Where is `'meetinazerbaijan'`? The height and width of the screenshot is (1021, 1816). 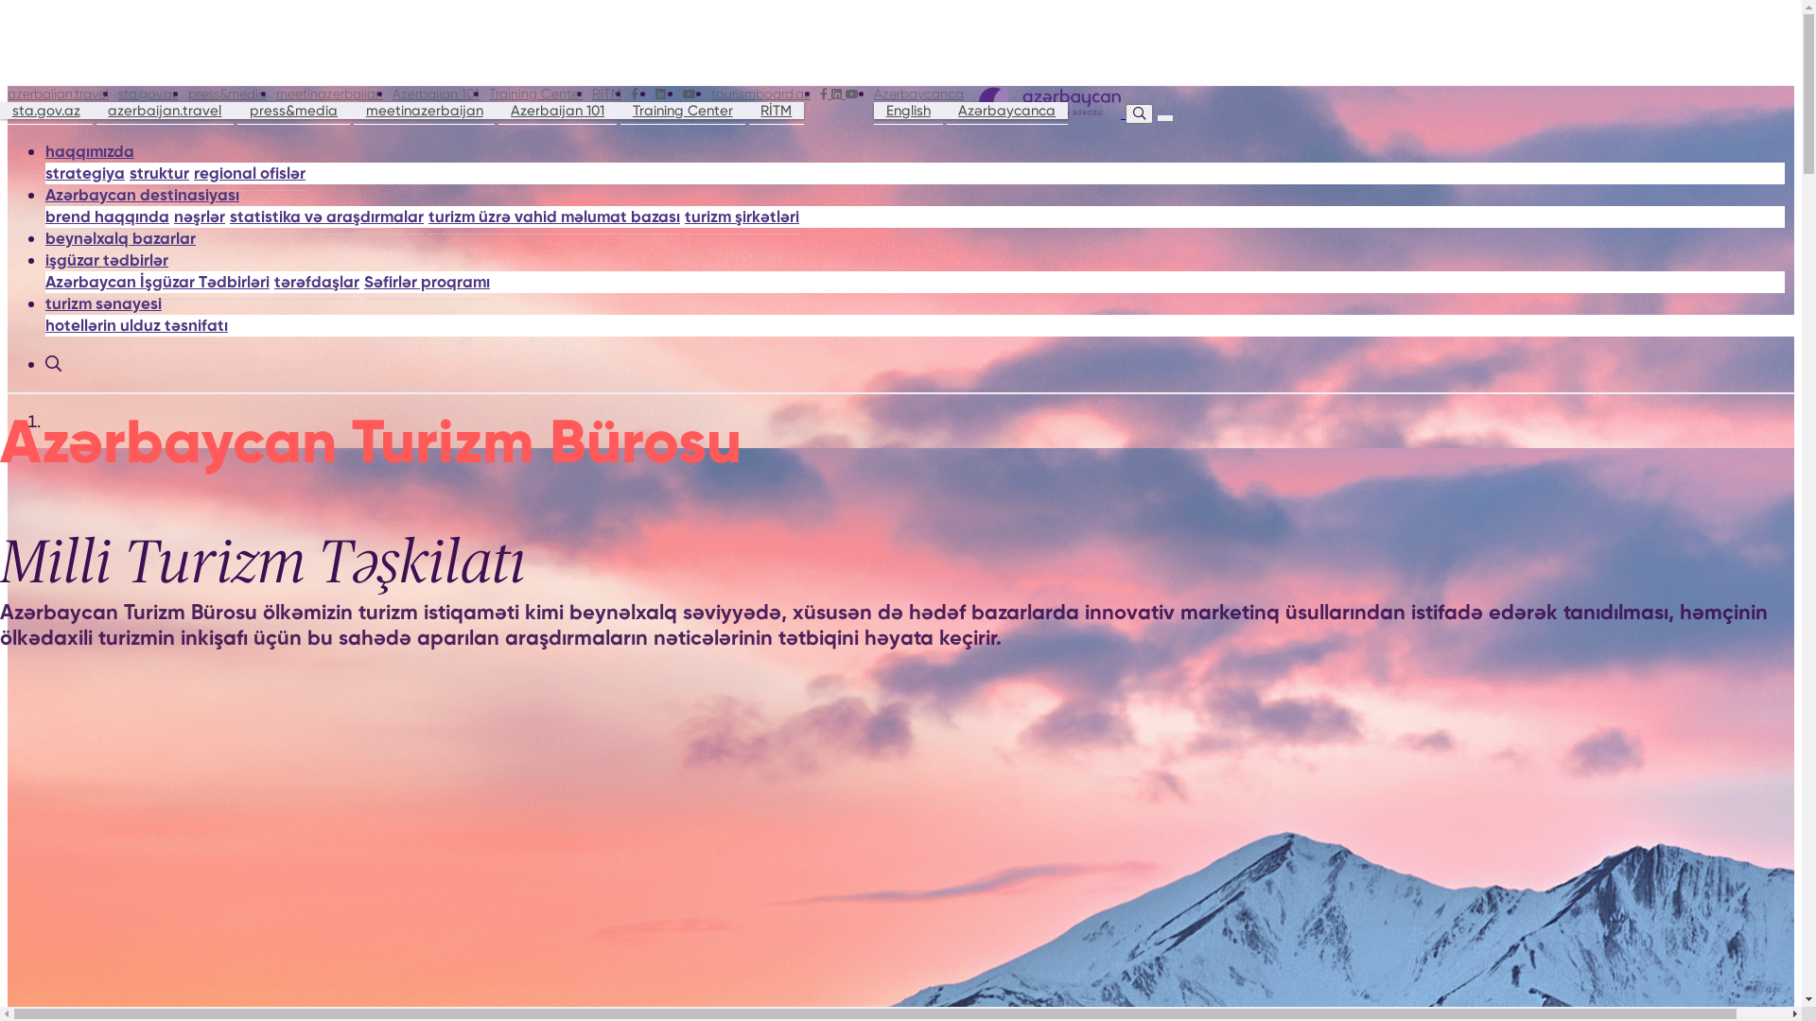 'meetinazerbaijan' is located at coordinates (354, 111).